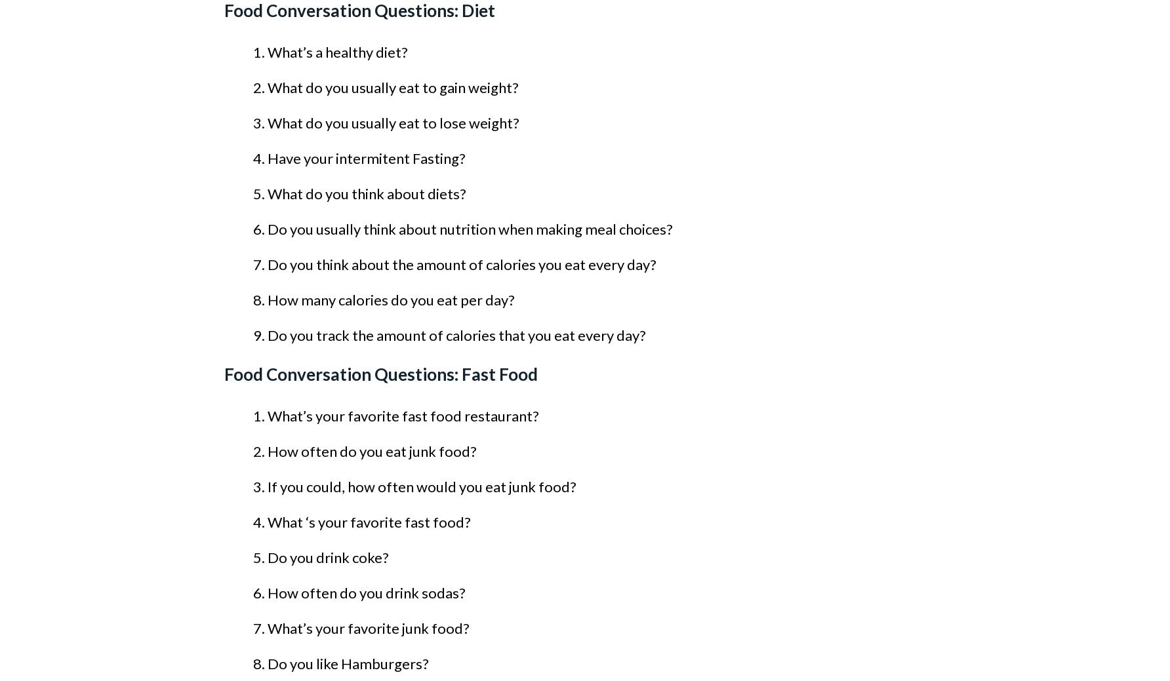 This screenshot has width=1170, height=681. What do you see at coordinates (267, 334) in the screenshot?
I see `'Do you track the amount of calories that you eat every day?'` at bounding box center [267, 334].